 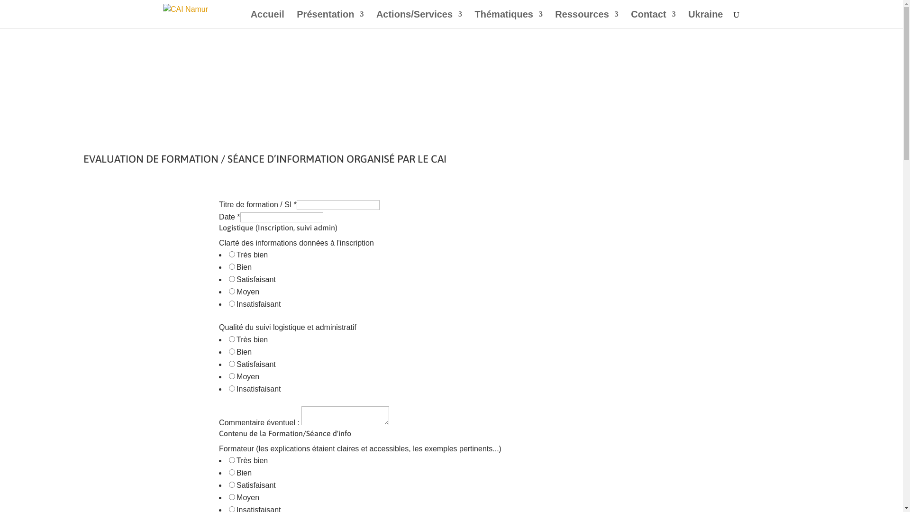 I want to click on 'Ressources', so click(x=586, y=19).